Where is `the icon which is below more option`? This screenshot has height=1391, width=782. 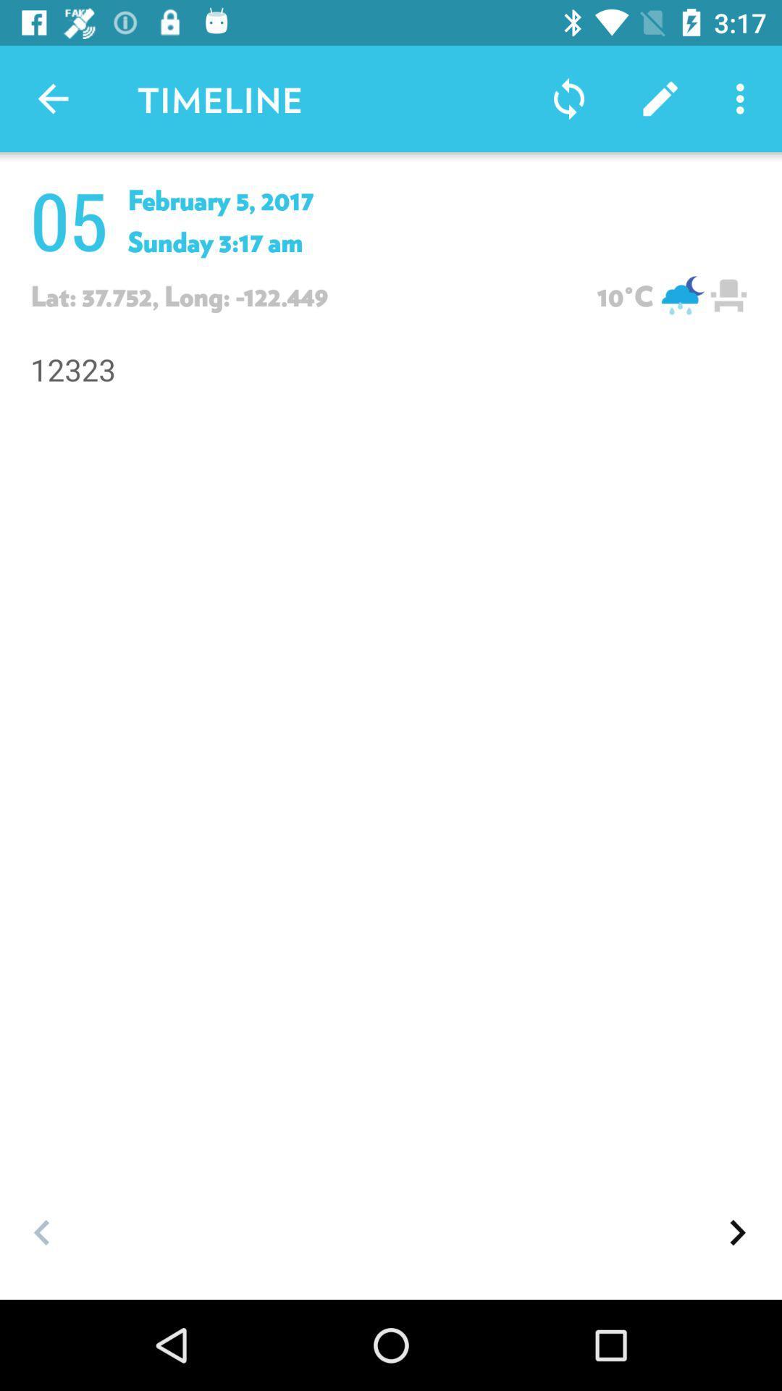 the icon which is below more option is located at coordinates (728, 295).